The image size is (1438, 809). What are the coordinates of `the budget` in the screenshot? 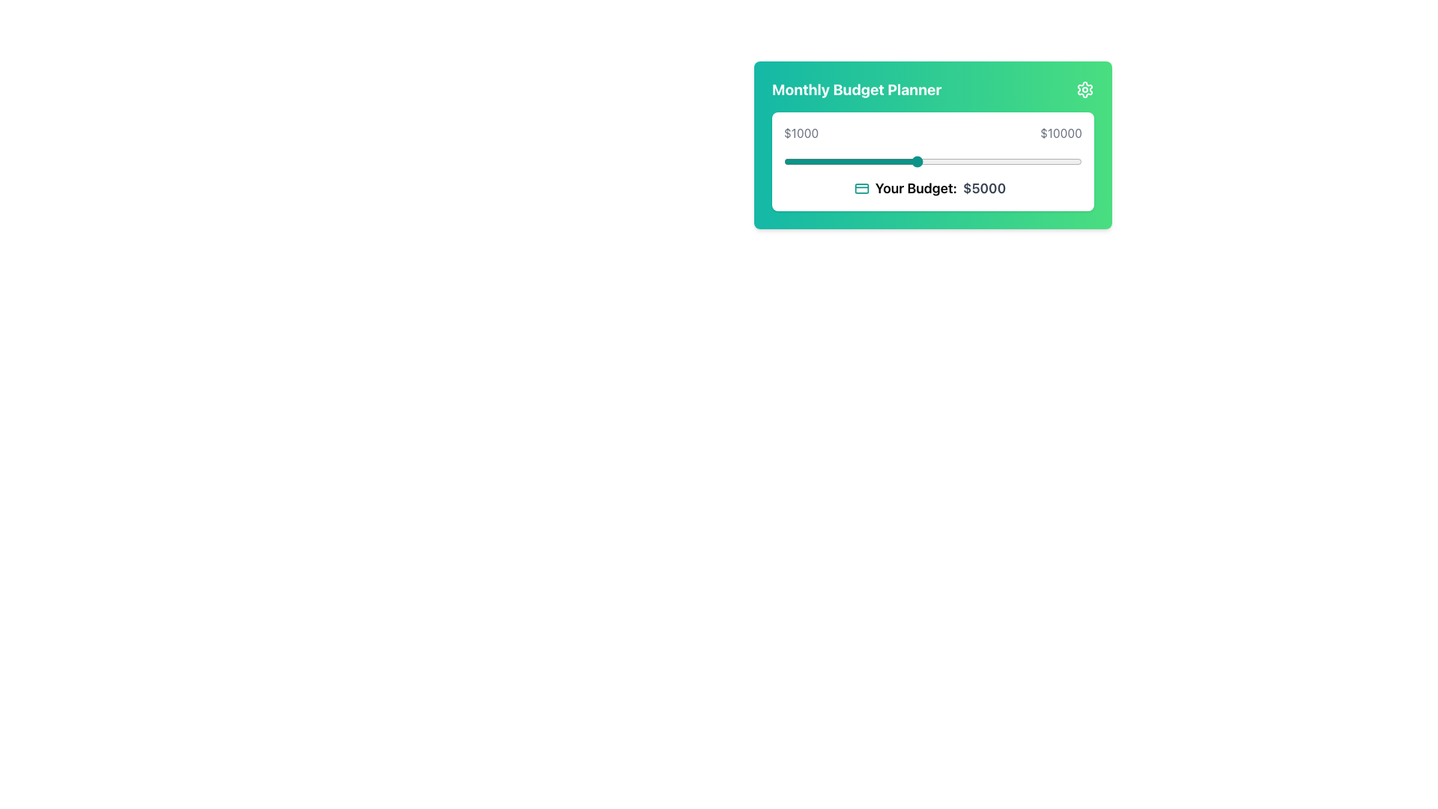 It's located at (864, 162).